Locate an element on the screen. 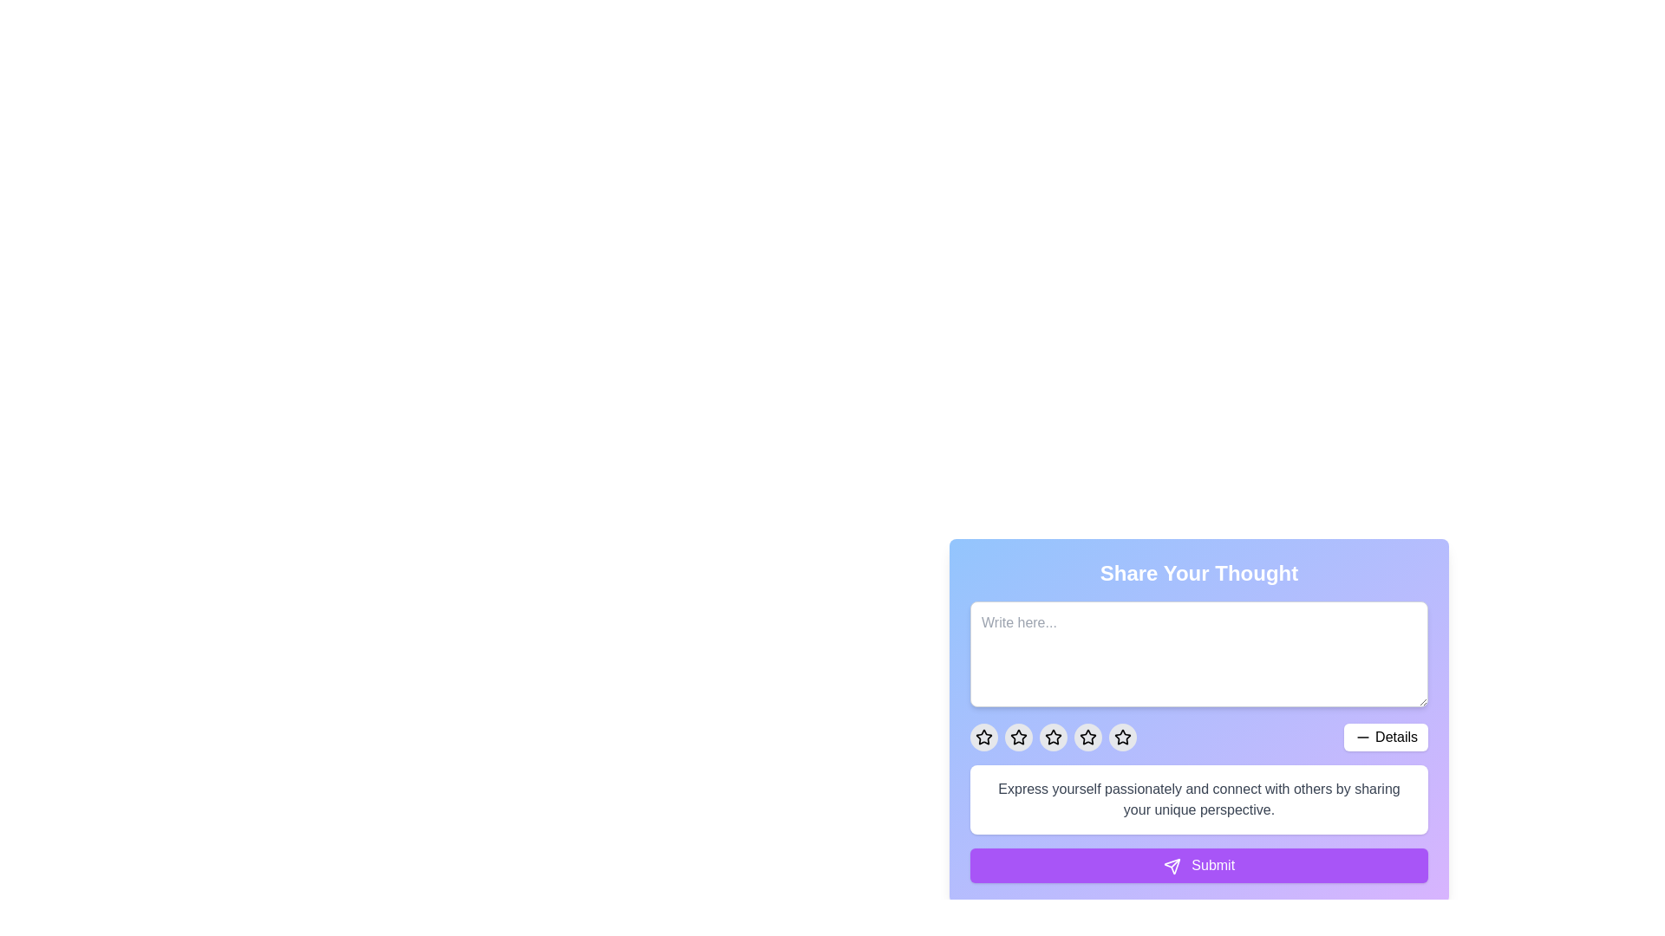 The image size is (1665, 936). the first star-shaped rating widget is located at coordinates (983, 736).